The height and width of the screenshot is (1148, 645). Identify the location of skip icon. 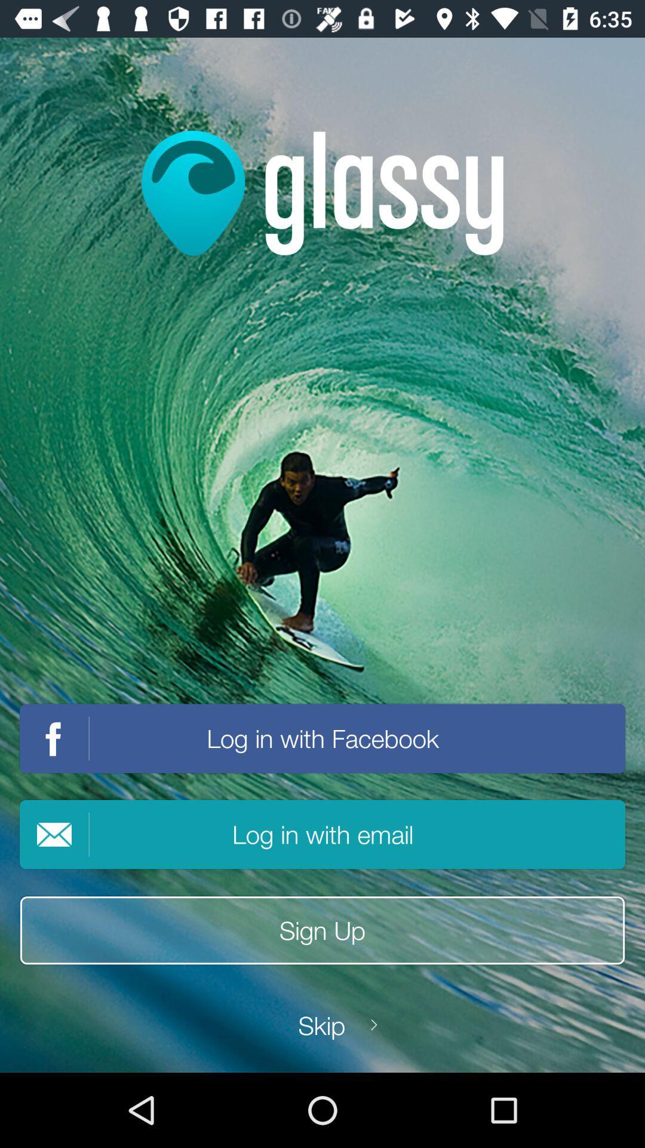
(321, 1025).